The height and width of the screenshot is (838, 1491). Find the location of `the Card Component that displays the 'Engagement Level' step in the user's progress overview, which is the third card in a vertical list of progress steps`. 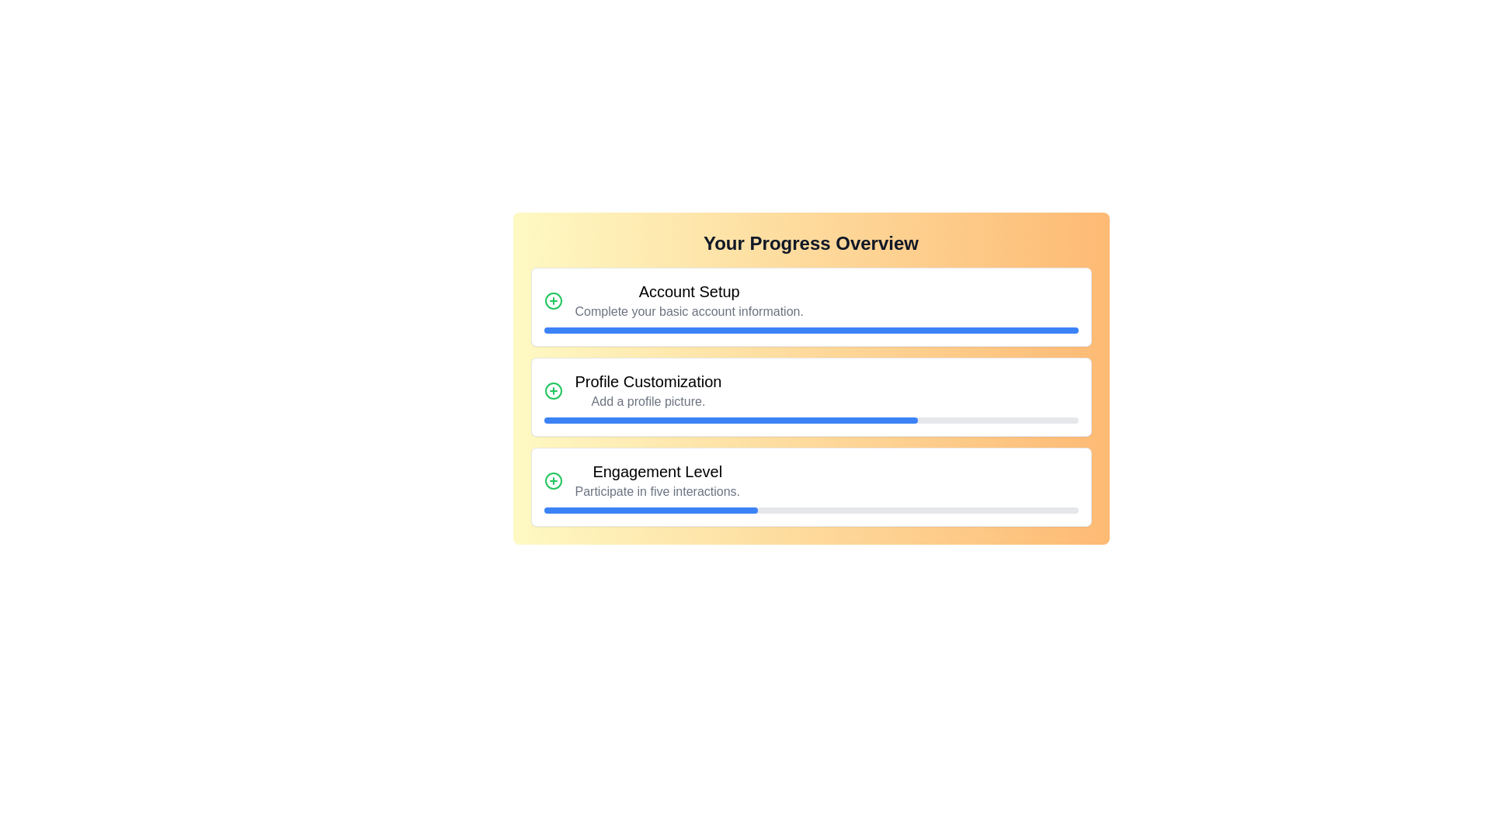

the Card Component that displays the 'Engagement Level' step in the user's progress overview, which is the third card in a vertical list of progress steps is located at coordinates (810, 487).